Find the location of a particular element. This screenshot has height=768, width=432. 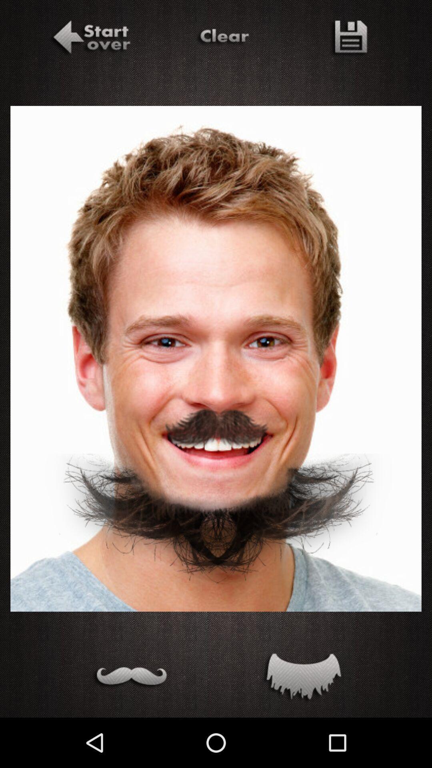

mustache is located at coordinates (129, 678).